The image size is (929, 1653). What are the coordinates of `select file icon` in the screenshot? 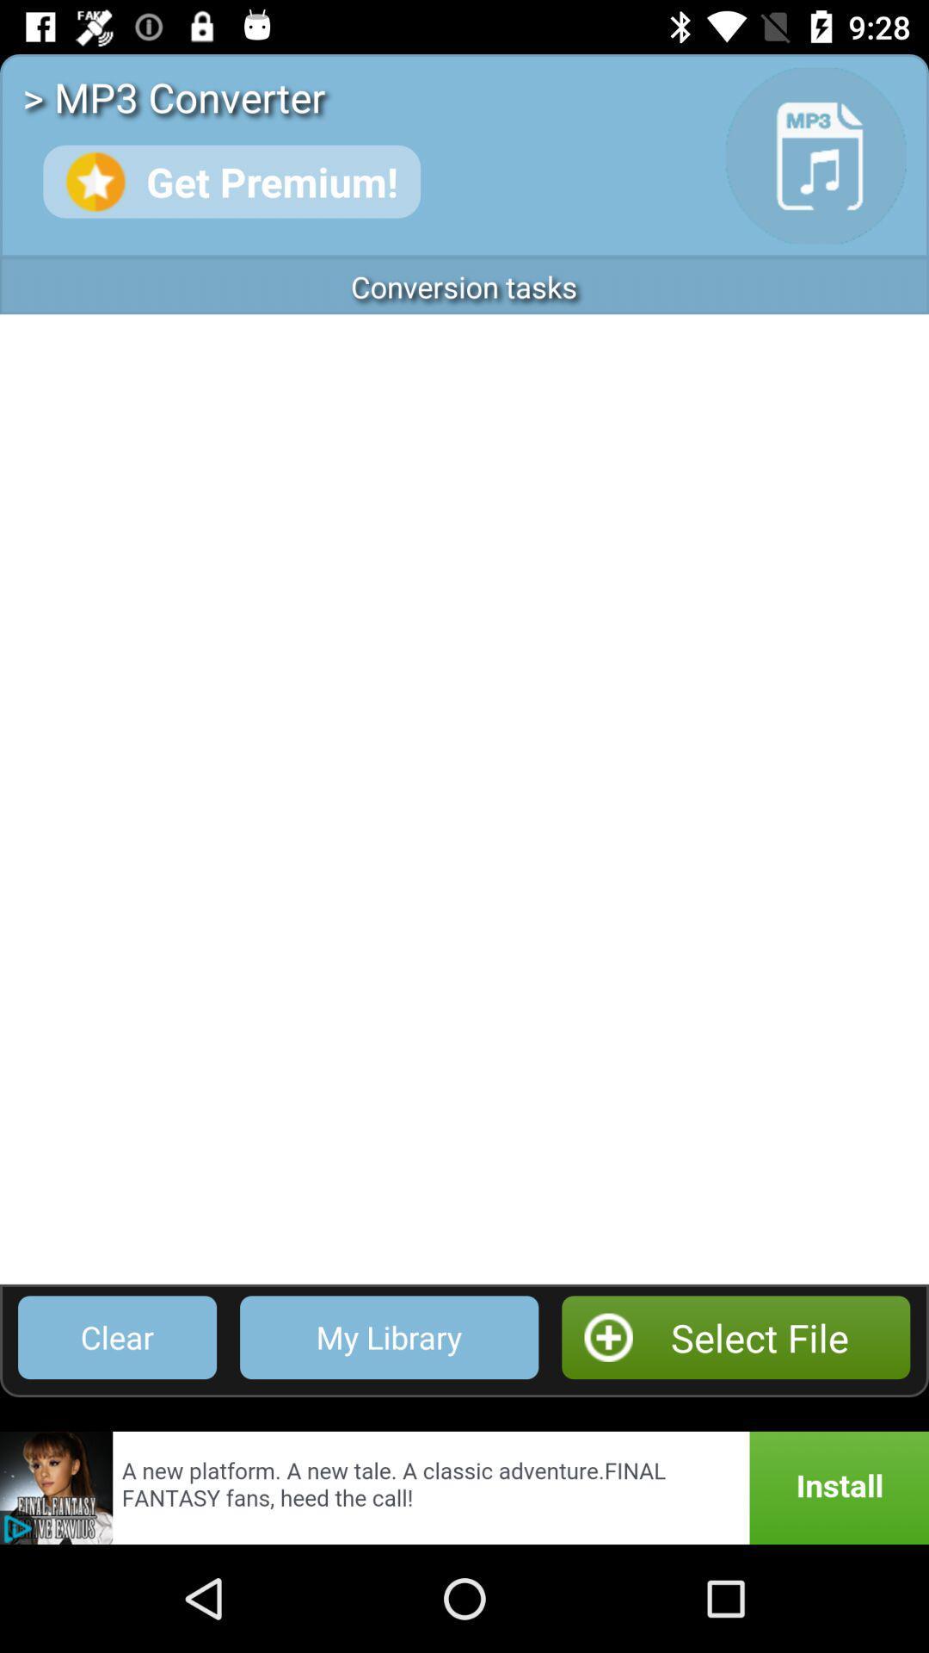 It's located at (735, 1336).